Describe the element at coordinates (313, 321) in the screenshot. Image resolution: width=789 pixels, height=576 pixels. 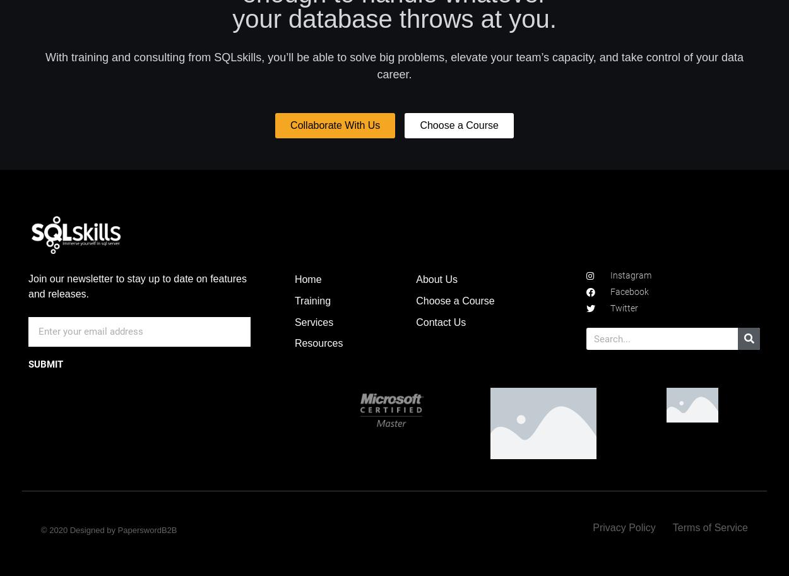
I see `'Services'` at that location.